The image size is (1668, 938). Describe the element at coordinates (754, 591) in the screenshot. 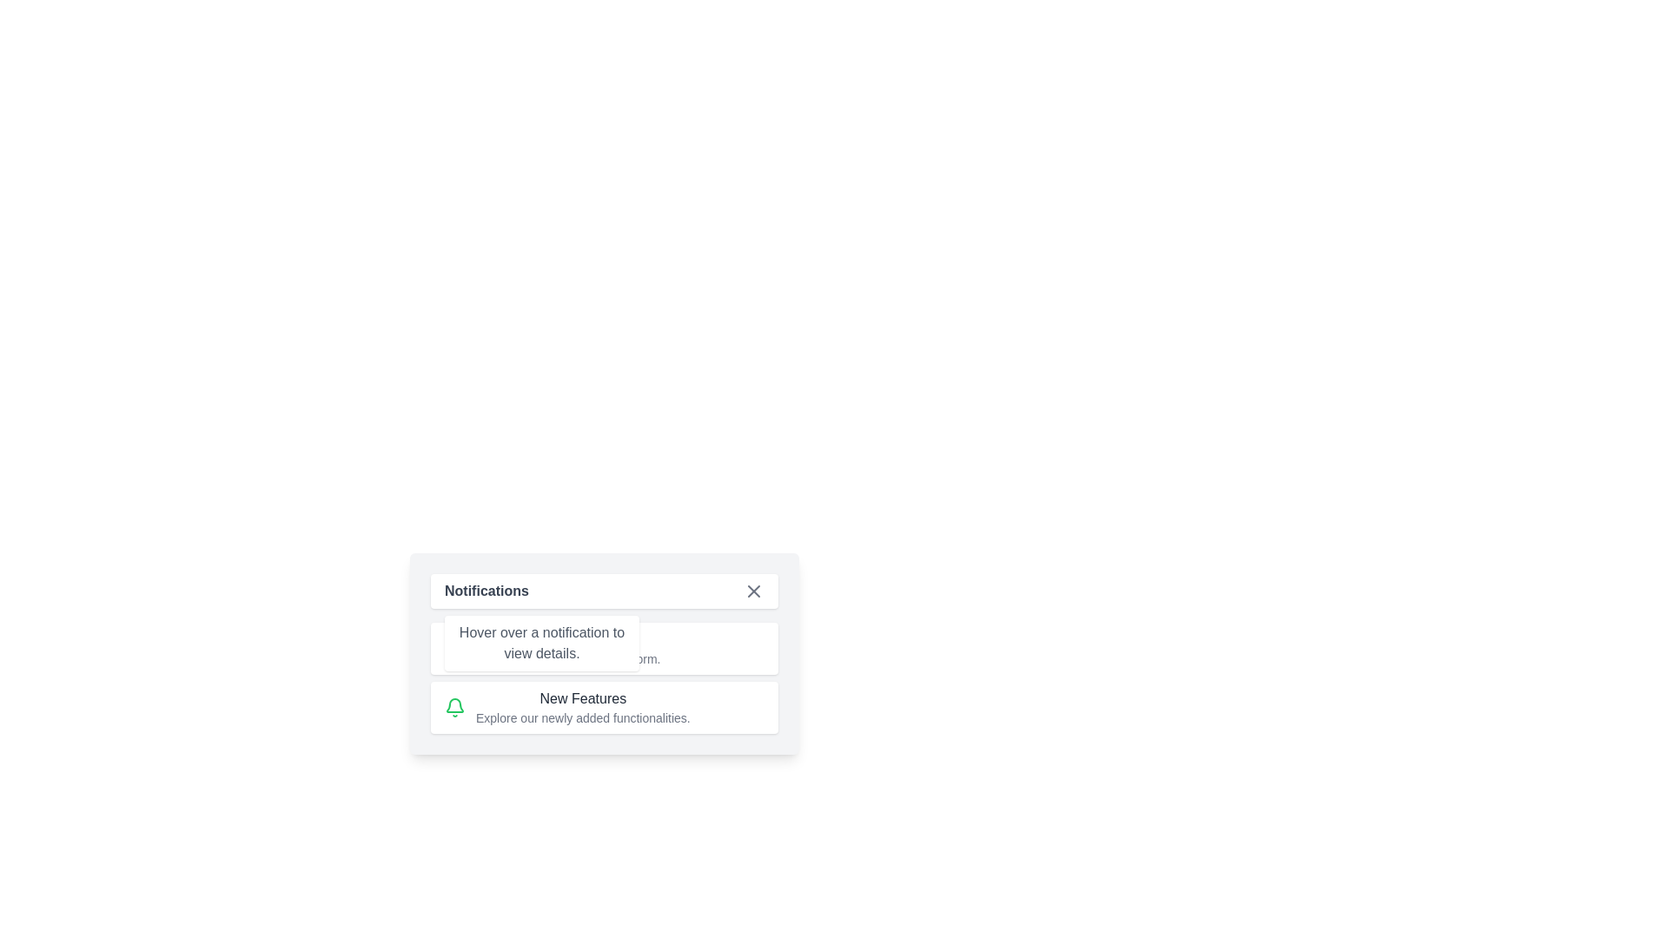

I see `the close button for the notifications panel located at the top-right of the 'Notifications' header section` at that location.